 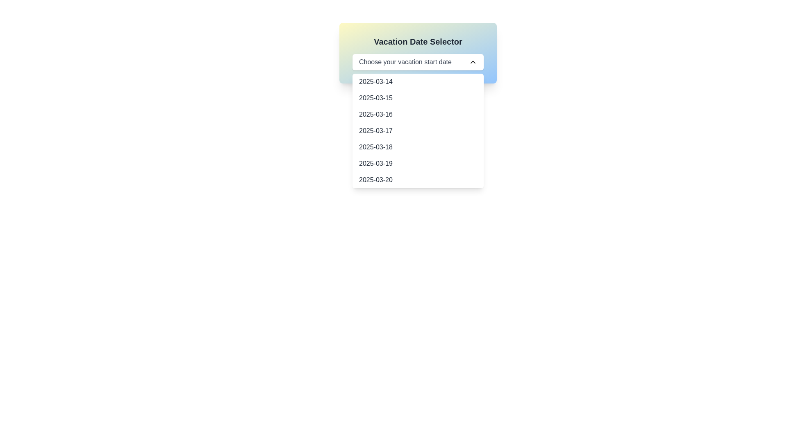 I want to click on the dropdown option containing the date '2025-03-16', so click(x=418, y=115).